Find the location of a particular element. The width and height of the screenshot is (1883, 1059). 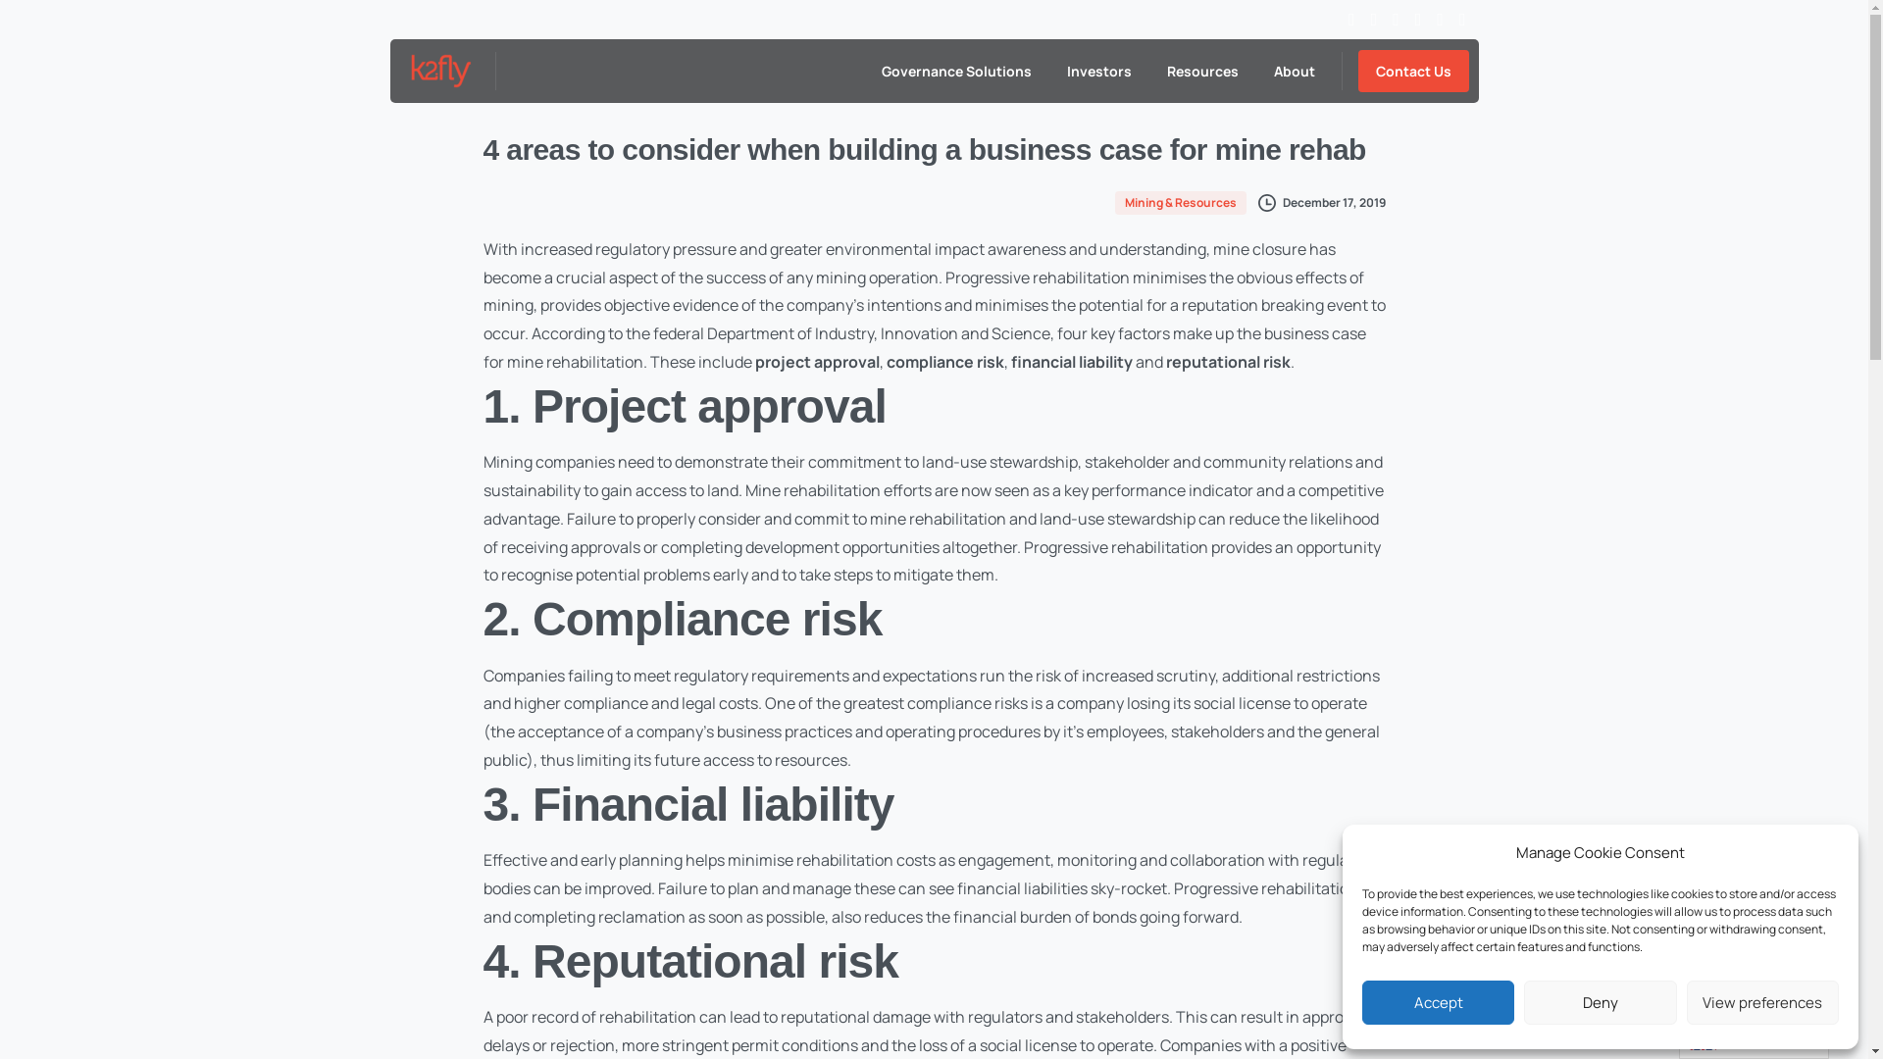

'Contact Us' is located at coordinates (1412, 70).